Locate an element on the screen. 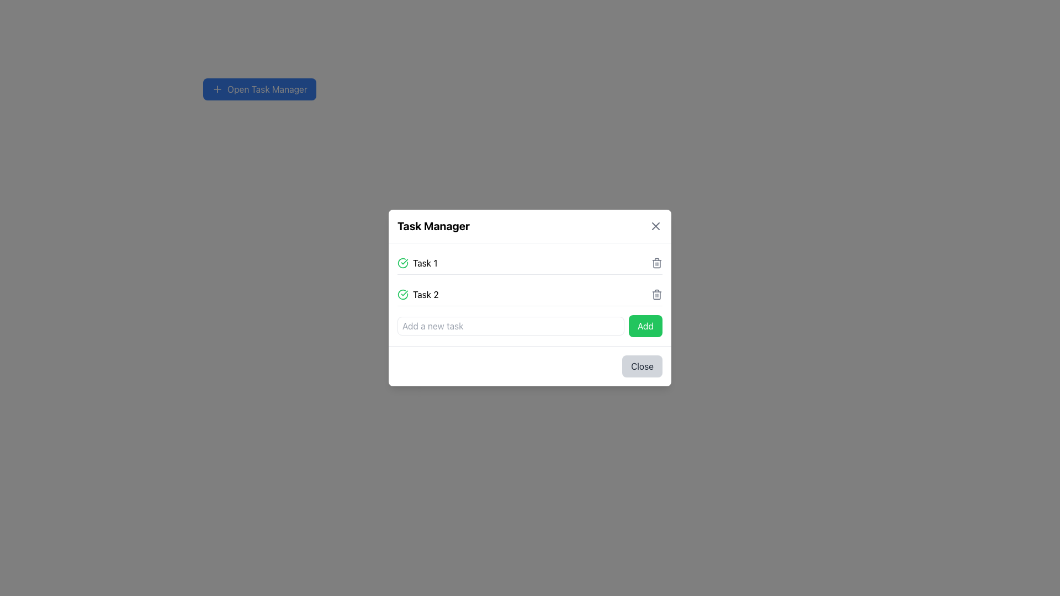 This screenshot has height=596, width=1060. the text label displaying 'Task 1' in the 'Task Manager' interface, which is positioned above 'Task 2' and to the right of the completion check mark is located at coordinates (425, 263).